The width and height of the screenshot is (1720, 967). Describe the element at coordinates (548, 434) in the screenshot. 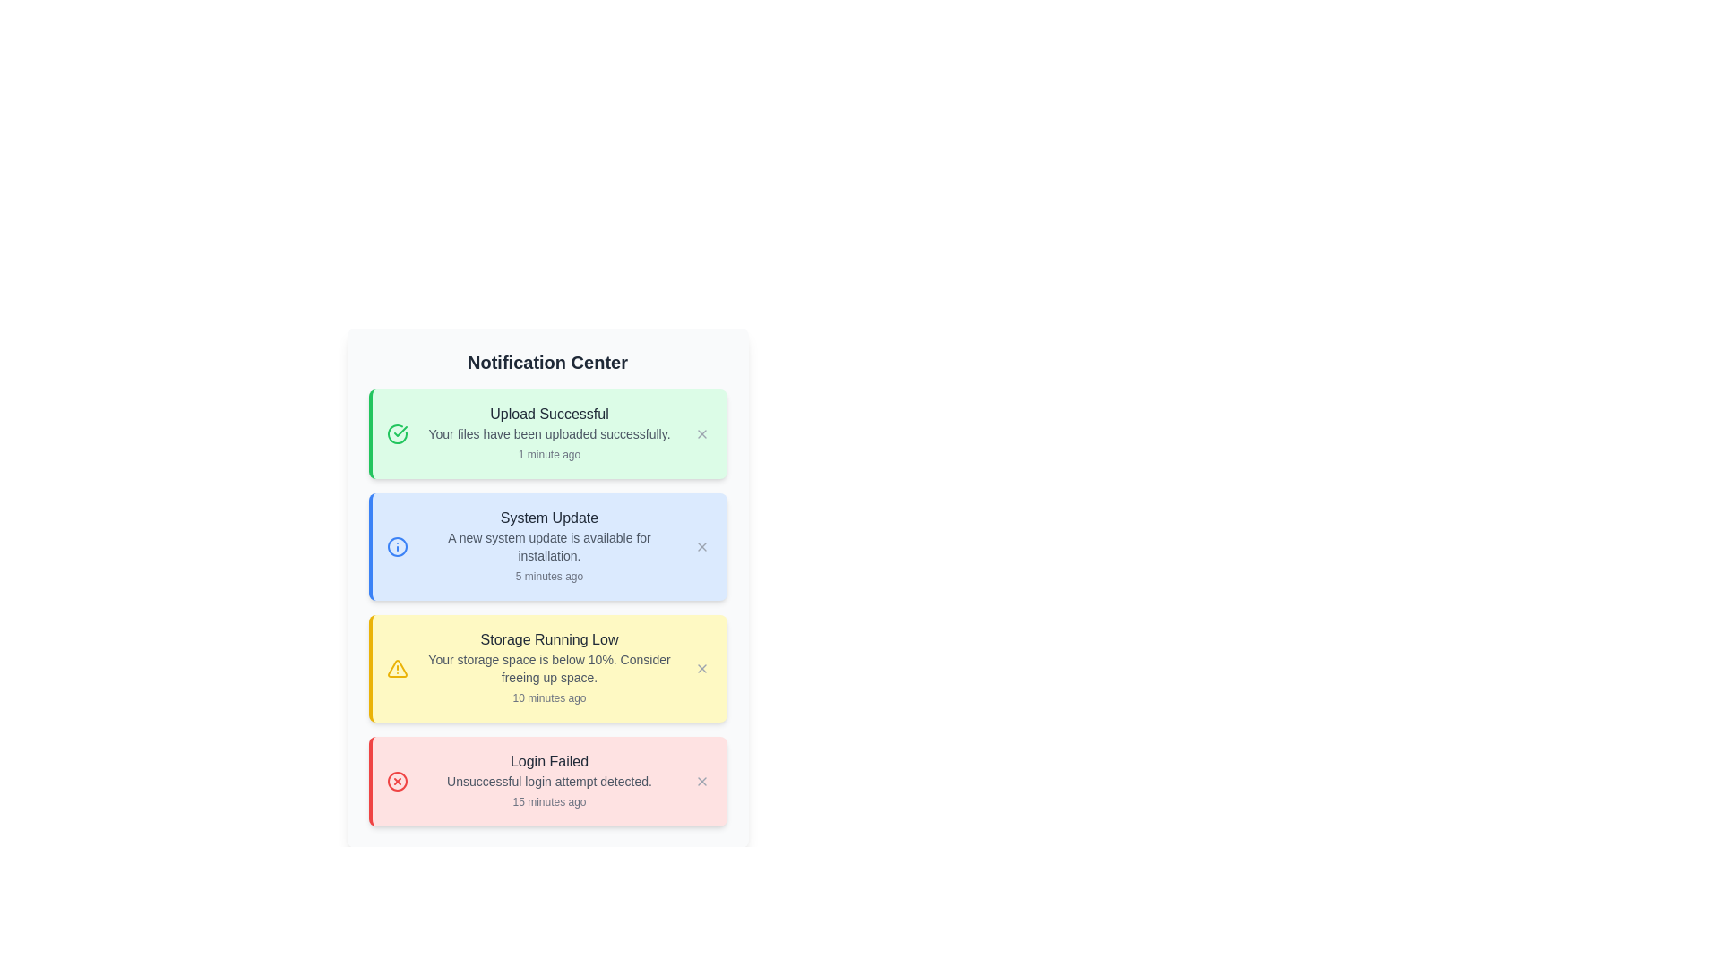

I see `the Notification message element, which displays 'Upload Successful' with additional details on a green background` at that location.